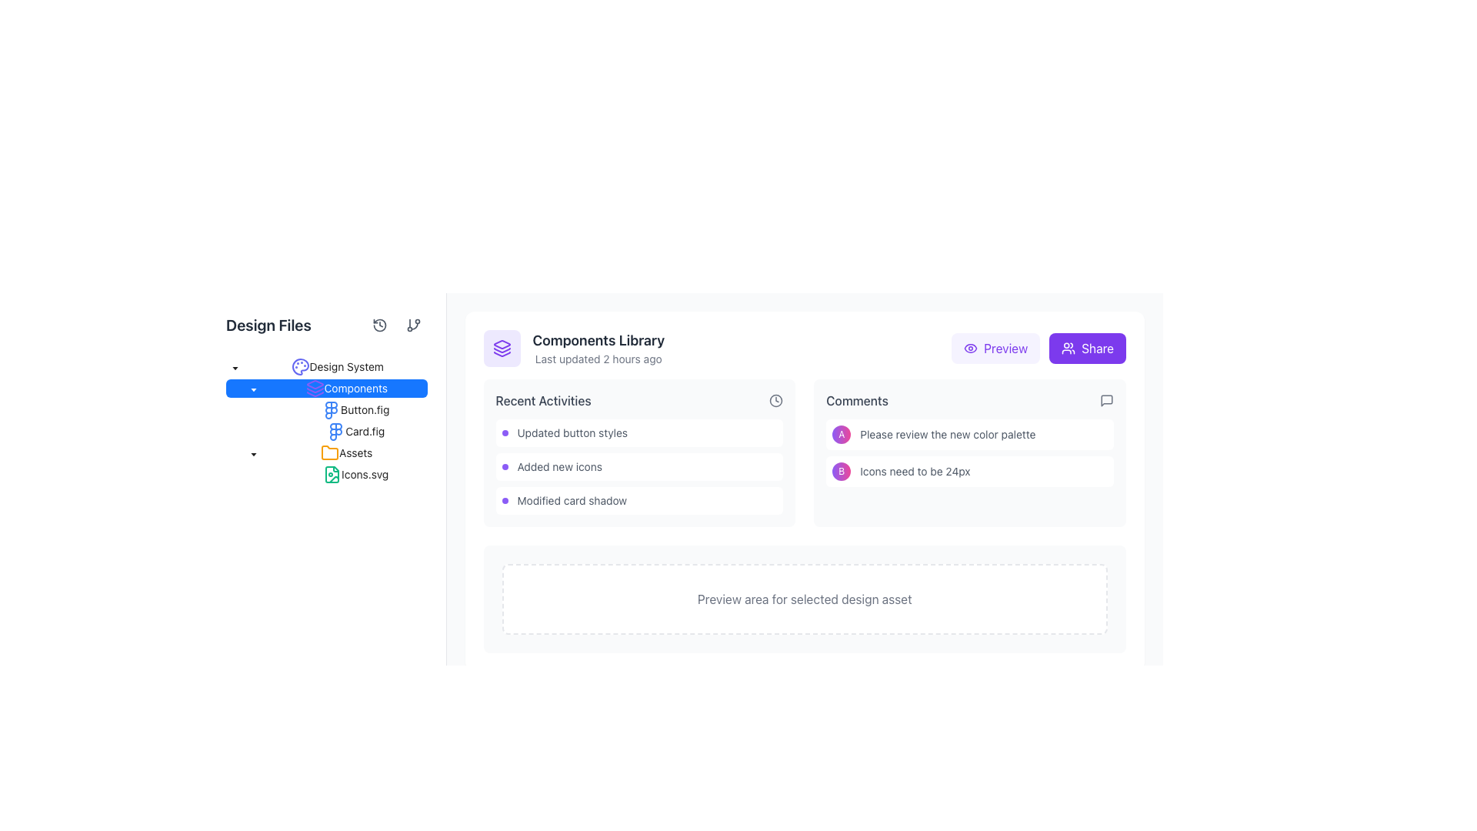 The height and width of the screenshot is (831, 1477). Describe the element at coordinates (598, 348) in the screenshot. I see `the textual label that serves as a descriptive title and timestamp for the library or collection, located towards the upper-center of the interface, above Recent Activities and Comments` at that location.